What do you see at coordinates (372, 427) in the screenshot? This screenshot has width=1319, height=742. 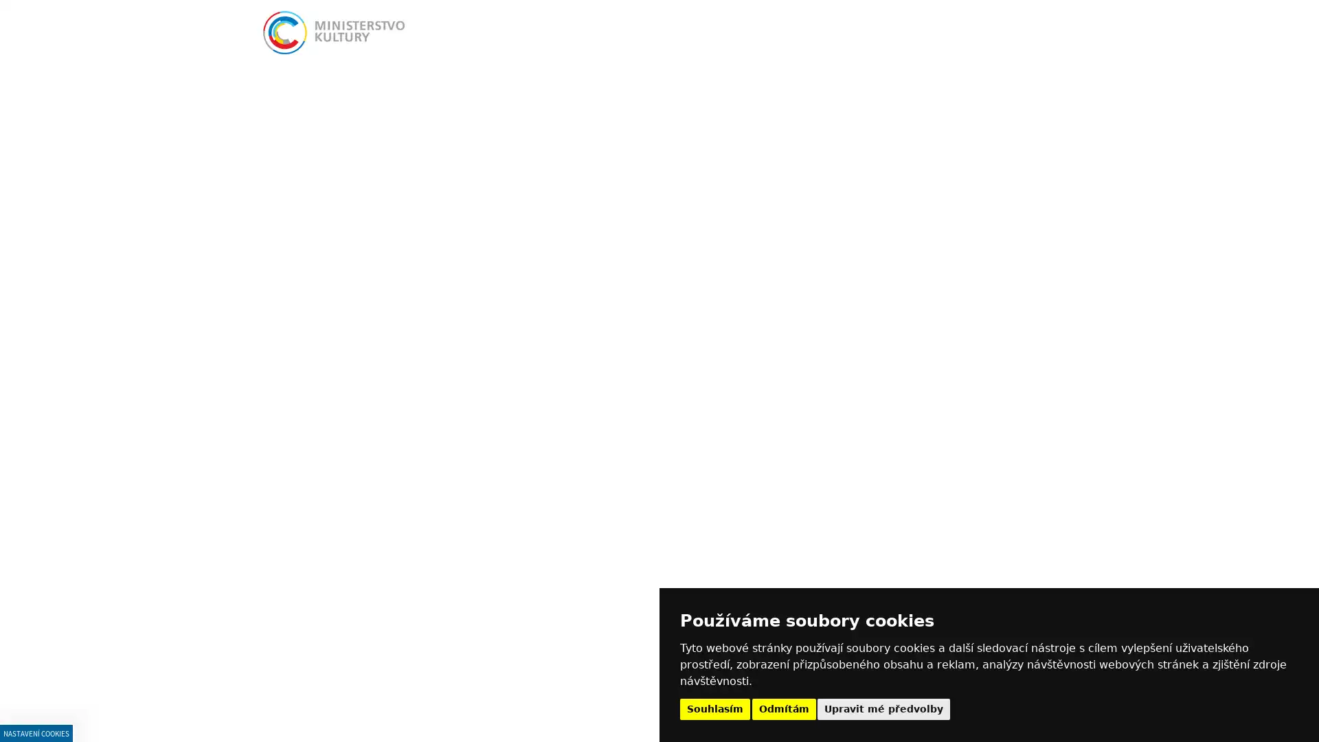 I see `AVIZA` at bounding box center [372, 427].